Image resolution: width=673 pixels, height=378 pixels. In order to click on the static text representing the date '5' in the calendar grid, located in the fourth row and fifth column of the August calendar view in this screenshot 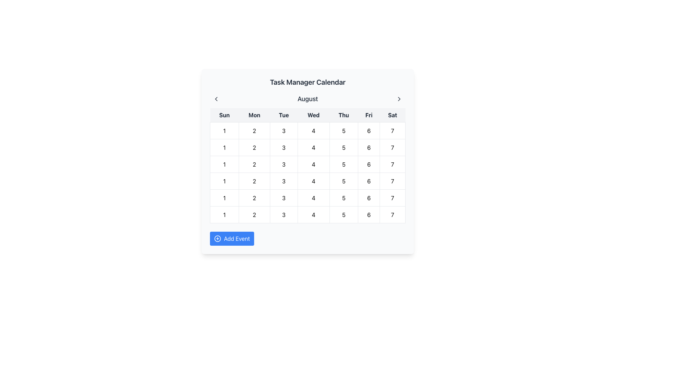, I will do `click(344, 198)`.